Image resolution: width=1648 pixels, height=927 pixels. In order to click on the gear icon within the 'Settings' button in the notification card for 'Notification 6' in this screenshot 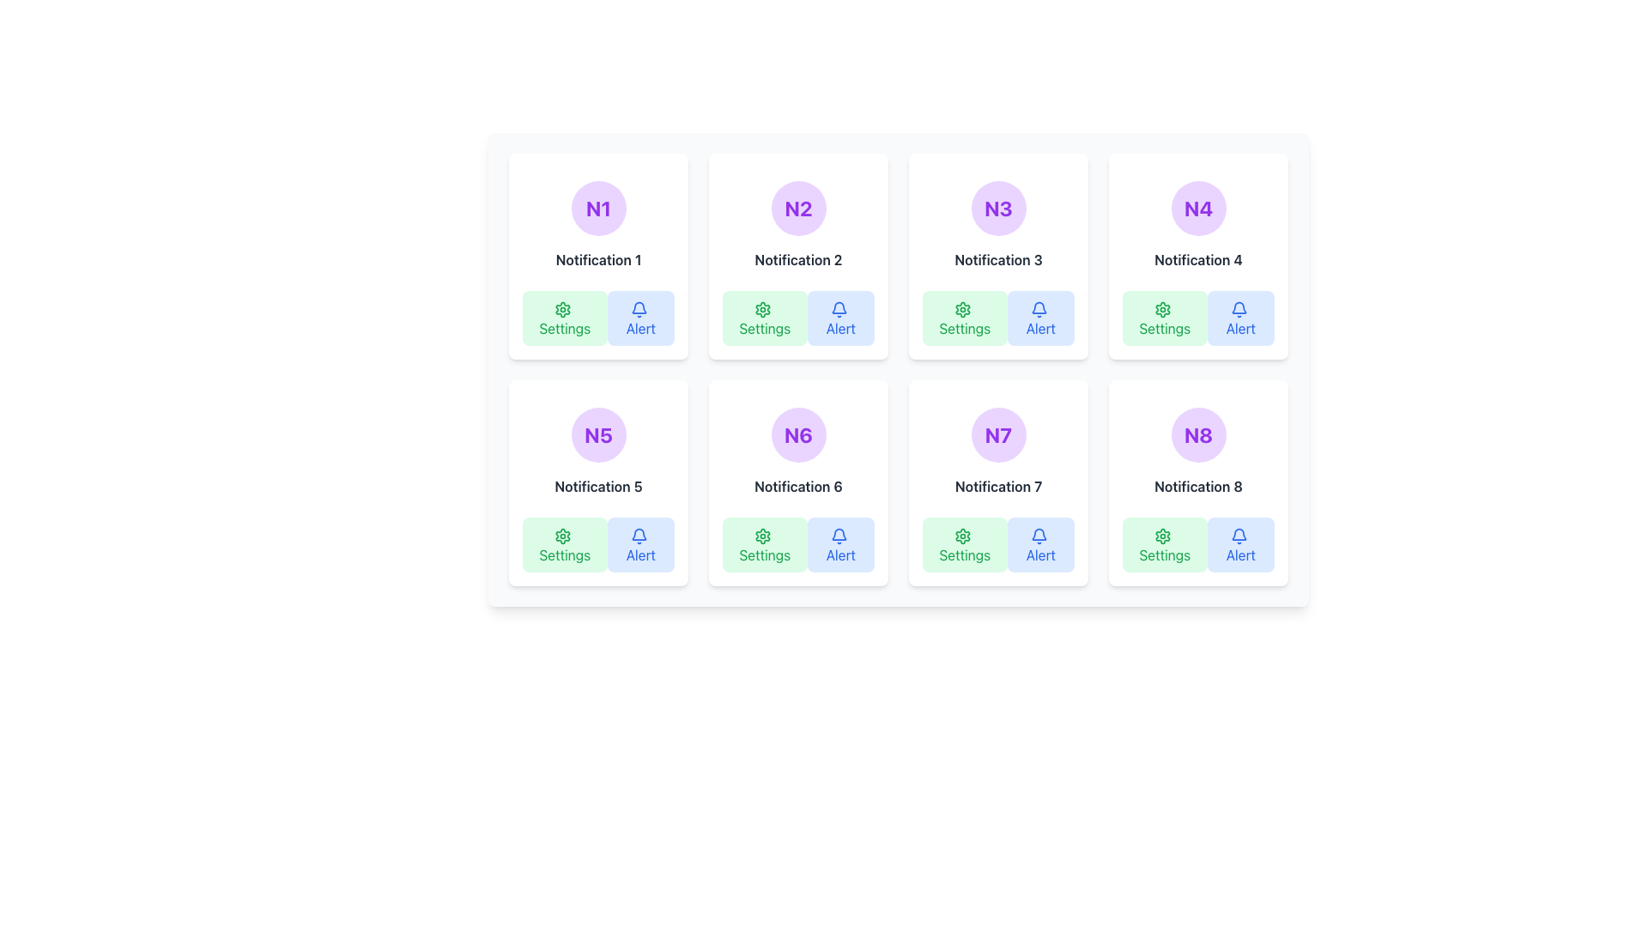, I will do `click(762, 535)`.